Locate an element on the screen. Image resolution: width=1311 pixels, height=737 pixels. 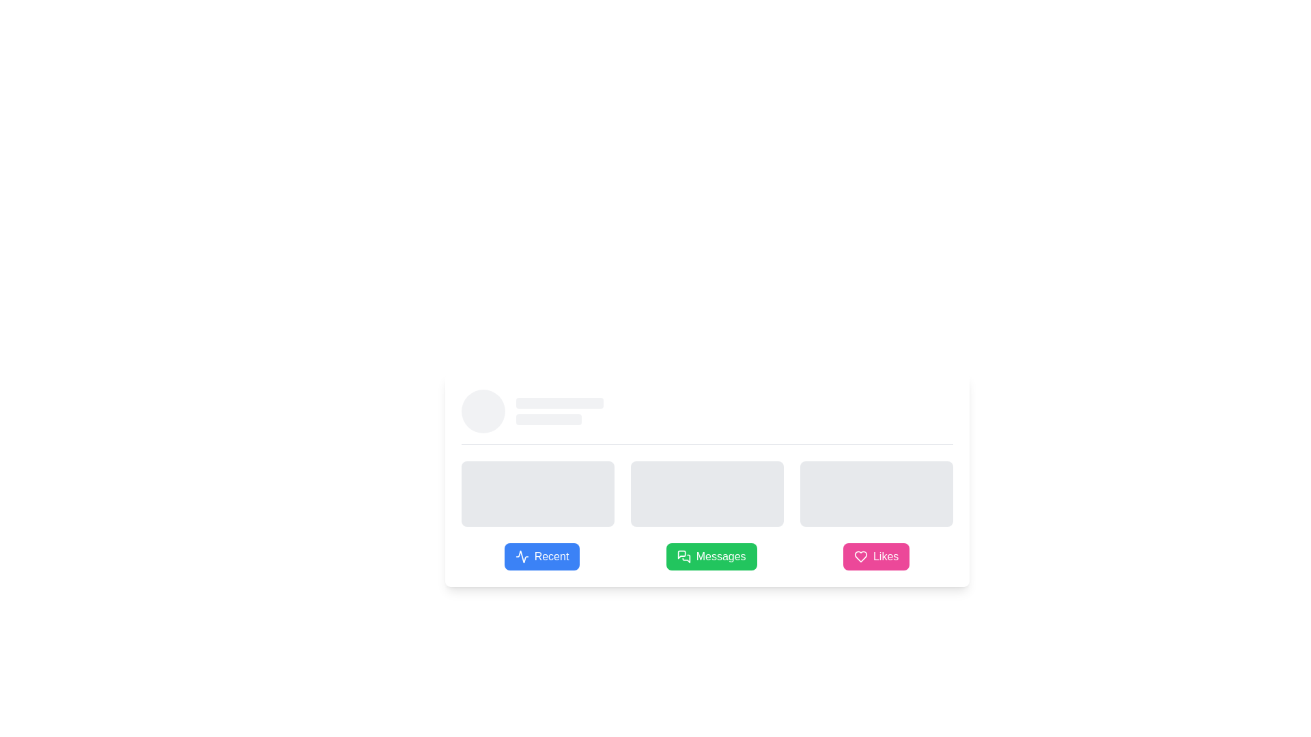
the speech bubble icon on the green 'Messages' button, which is the second button in a horizontal row of three similar buttons is located at coordinates (683, 557).